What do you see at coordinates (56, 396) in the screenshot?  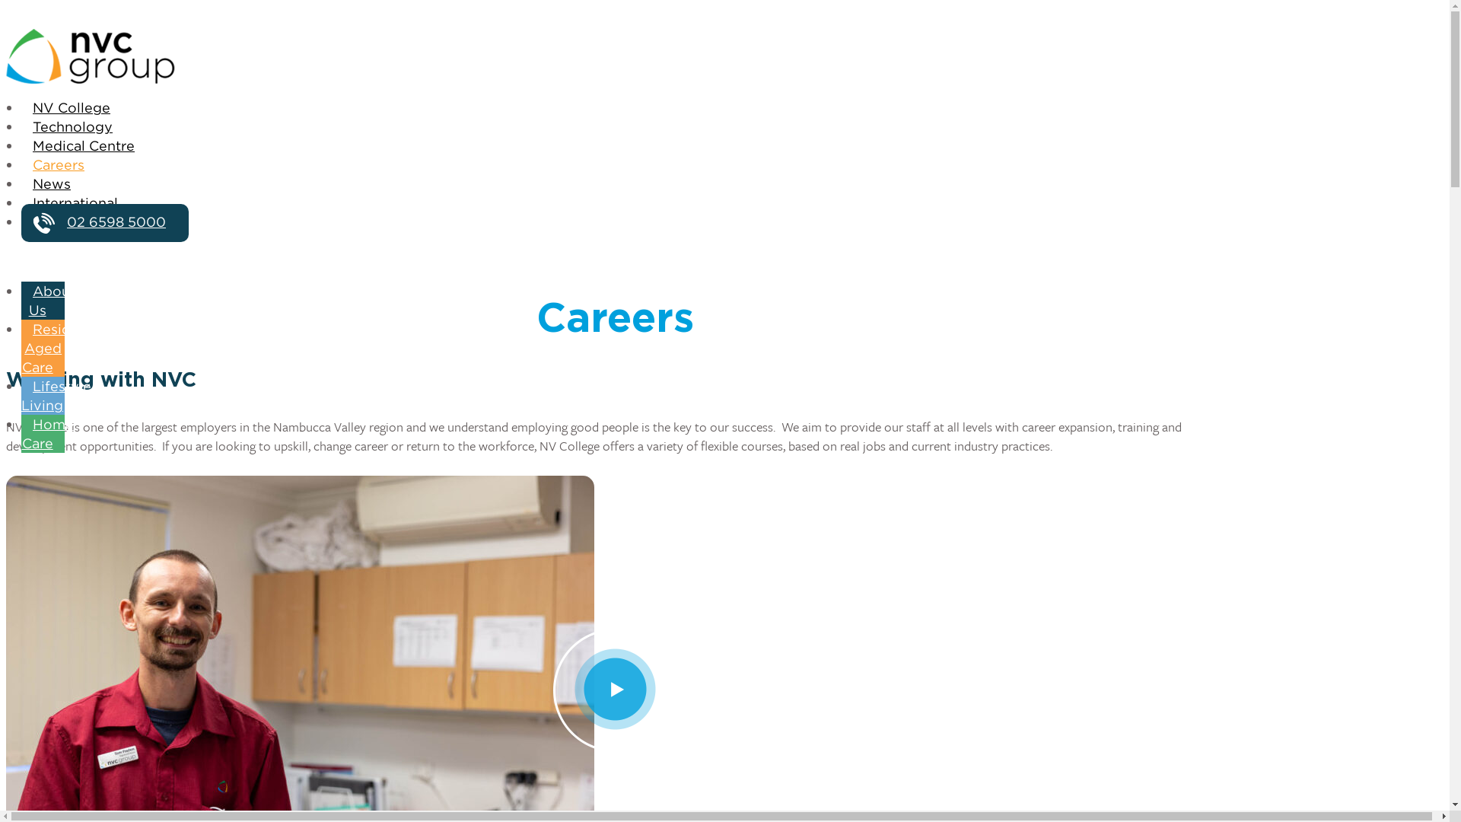 I see `'Lifestyle Living'` at bounding box center [56, 396].